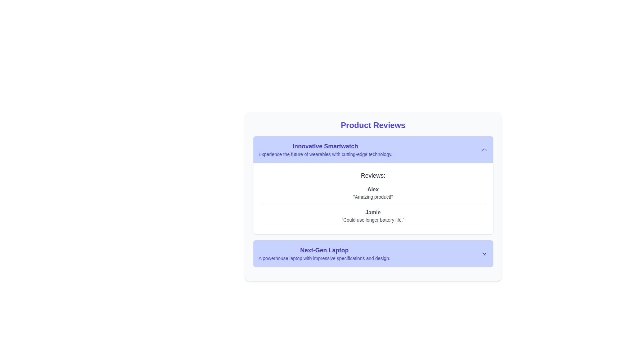  What do you see at coordinates (373, 190) in the screenshot?
I see `the Text label that displays the reviewer's name in the 'Reviews' subsection of the 'Innovative Smartwatch' section` at bounding box center [373, 190].